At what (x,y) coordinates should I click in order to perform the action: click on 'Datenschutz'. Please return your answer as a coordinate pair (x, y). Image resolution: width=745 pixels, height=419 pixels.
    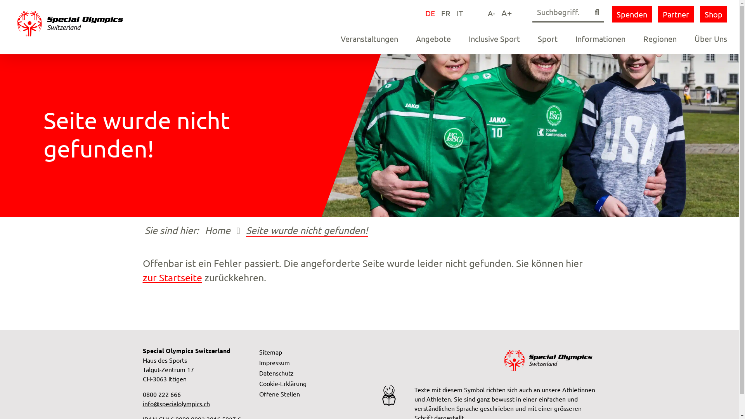
    Looking at the image, I should click on (276, 372).